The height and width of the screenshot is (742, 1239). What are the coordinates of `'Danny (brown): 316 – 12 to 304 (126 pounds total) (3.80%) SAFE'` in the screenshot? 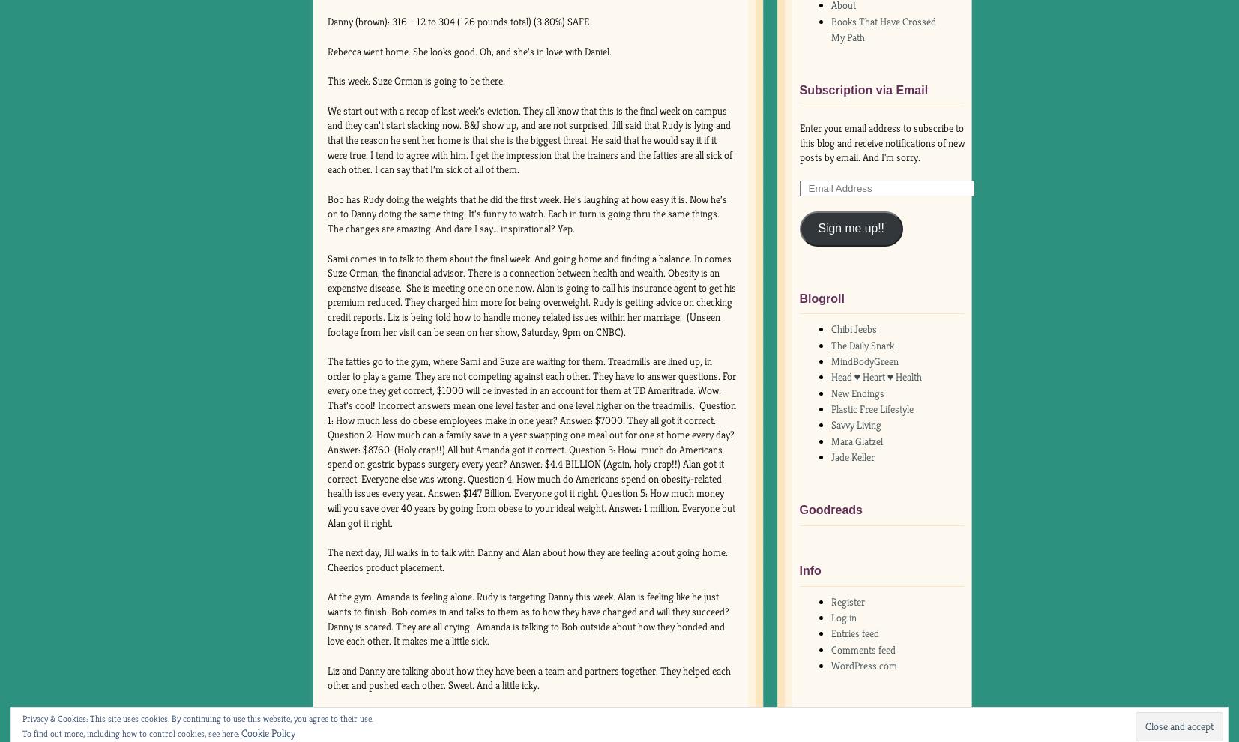 It's located at (456, 21).